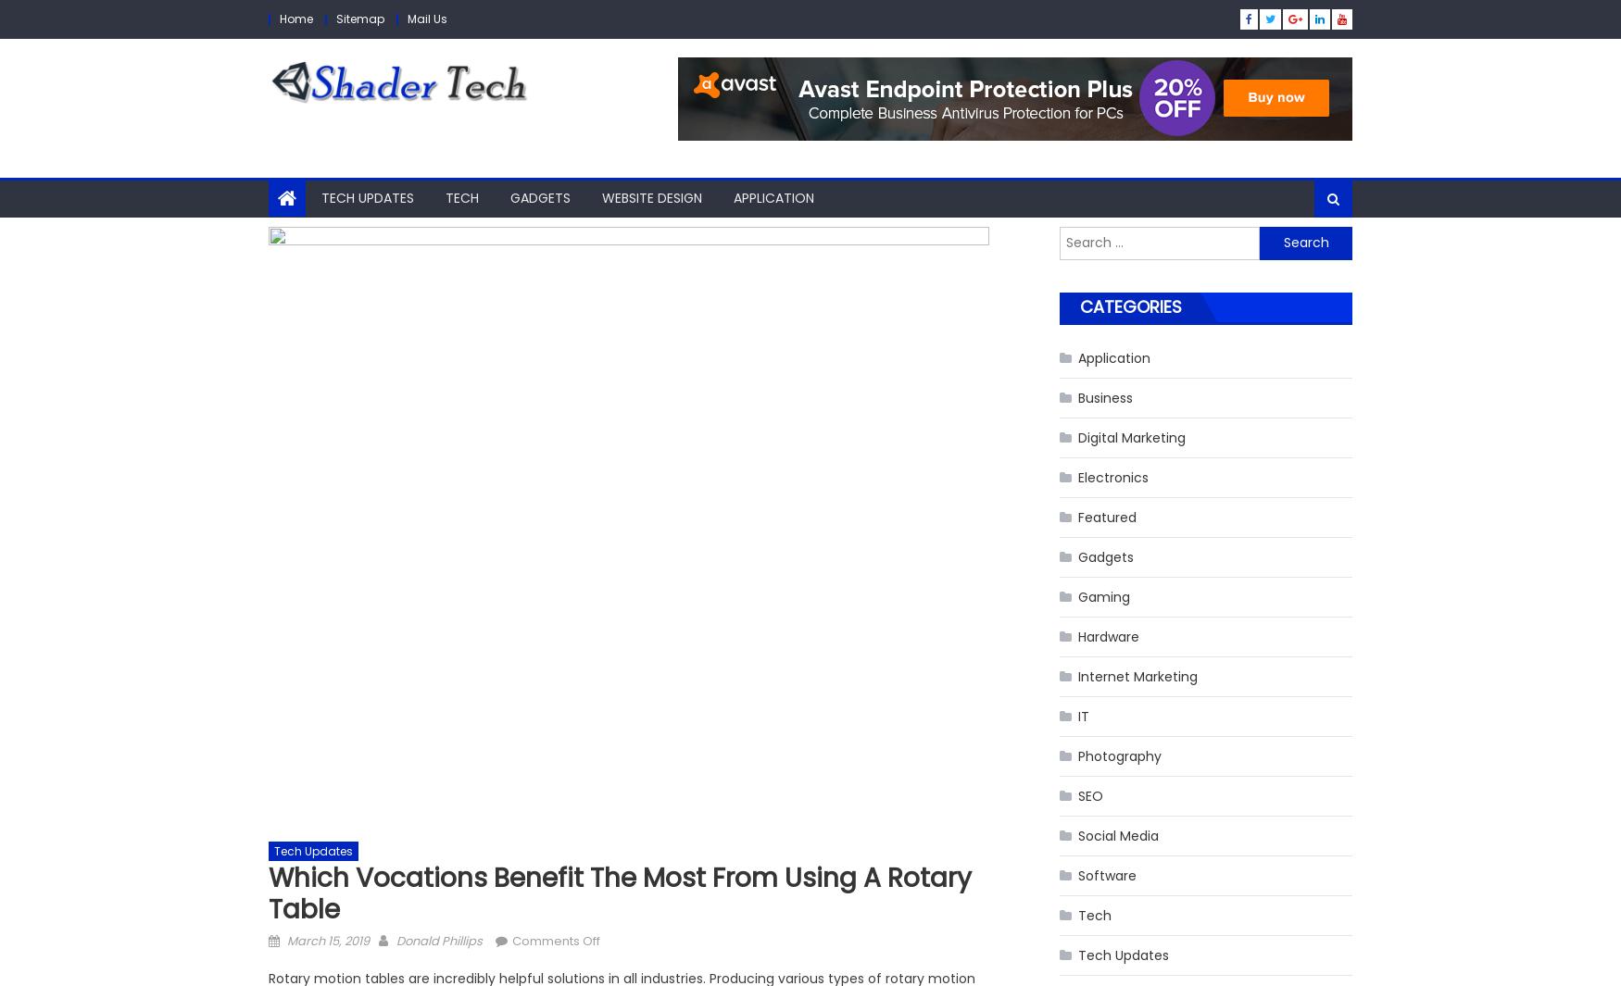  Describe the element at coordinates (1076, 395) in the screenshot. I see `'Business'` at that location.